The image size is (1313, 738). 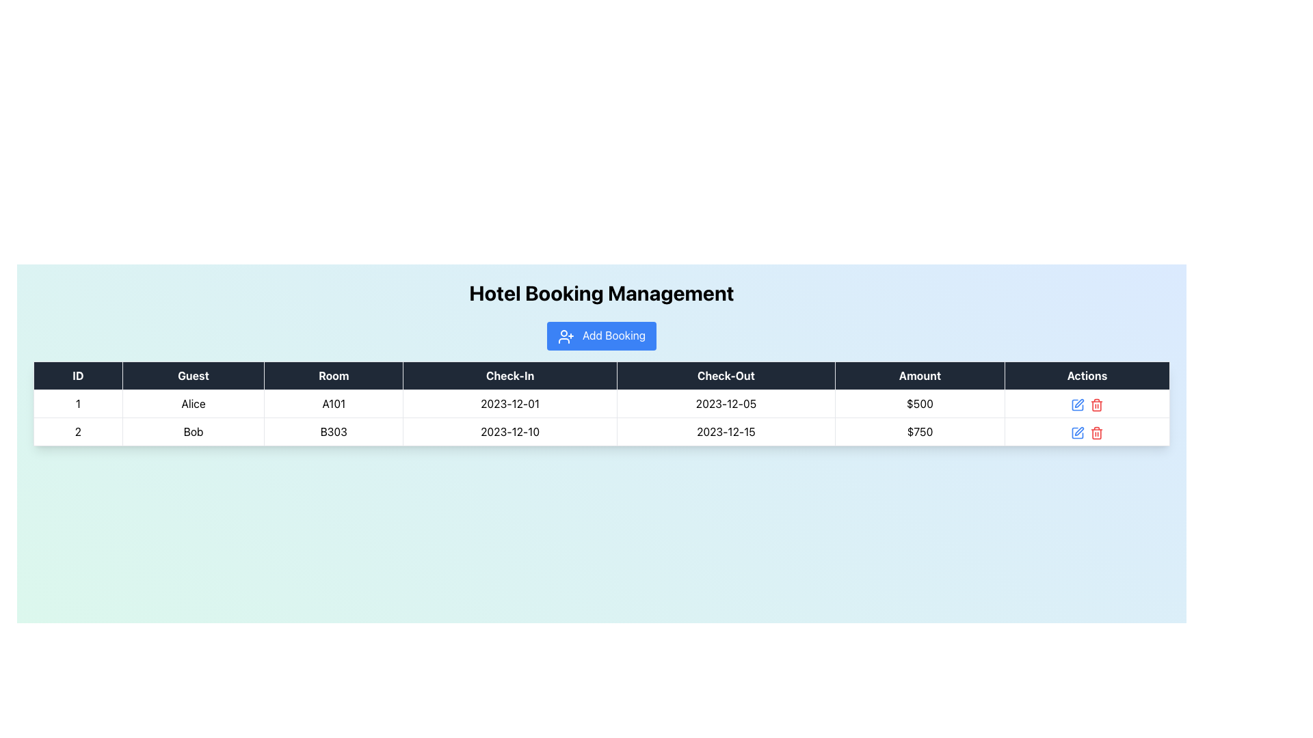 What do you see at coordinates (509, 375) in the screenshot?
I see `the Table Header Cell labeled 'Check-In', which is the fourth column header in the table, positioned between 'Room' and 'Check-Out'` at bounding box center [509, 375].